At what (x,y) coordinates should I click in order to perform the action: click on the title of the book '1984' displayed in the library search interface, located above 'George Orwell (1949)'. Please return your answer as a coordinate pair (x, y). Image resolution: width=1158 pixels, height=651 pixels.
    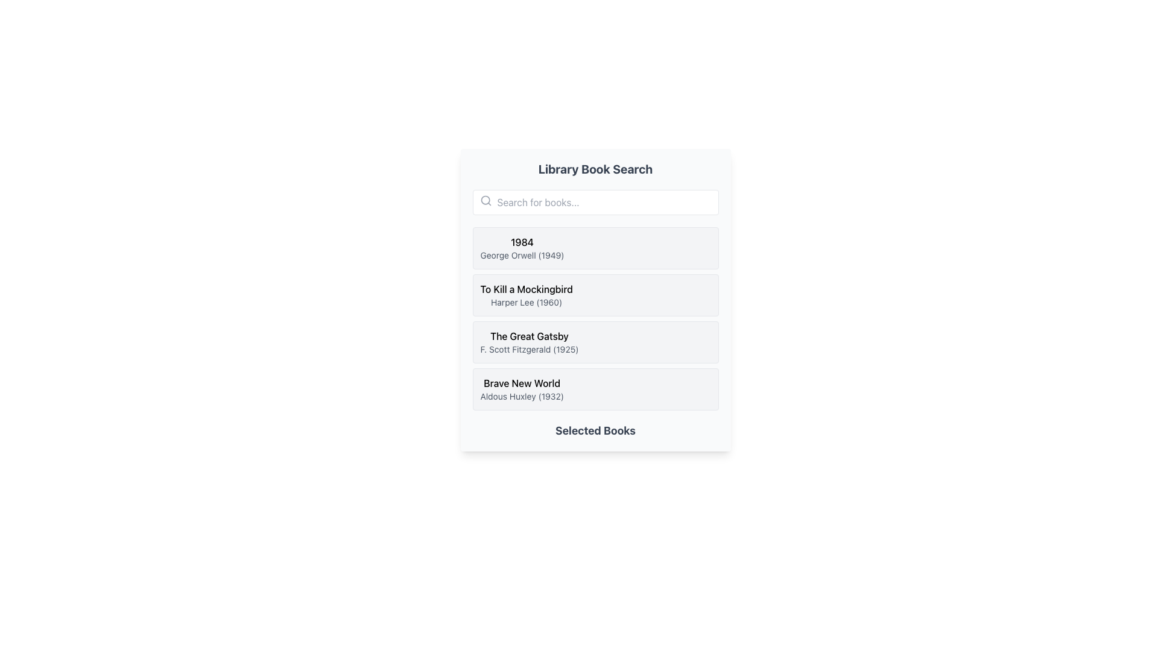
    Looking at the image, I should click on (522, 242).